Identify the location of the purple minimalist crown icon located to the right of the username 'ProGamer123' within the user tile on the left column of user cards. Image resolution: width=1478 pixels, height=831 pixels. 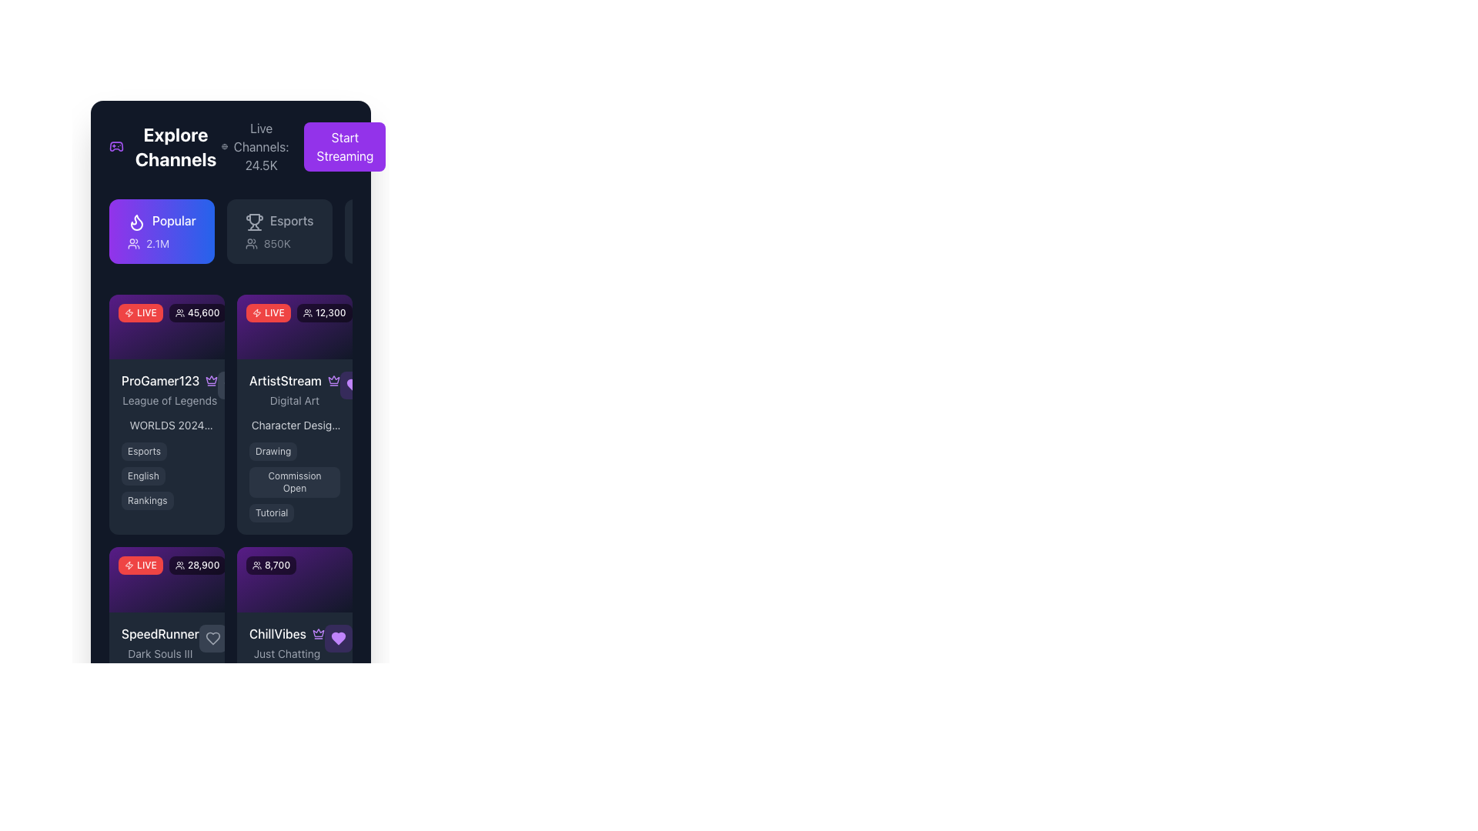
(211, 381).